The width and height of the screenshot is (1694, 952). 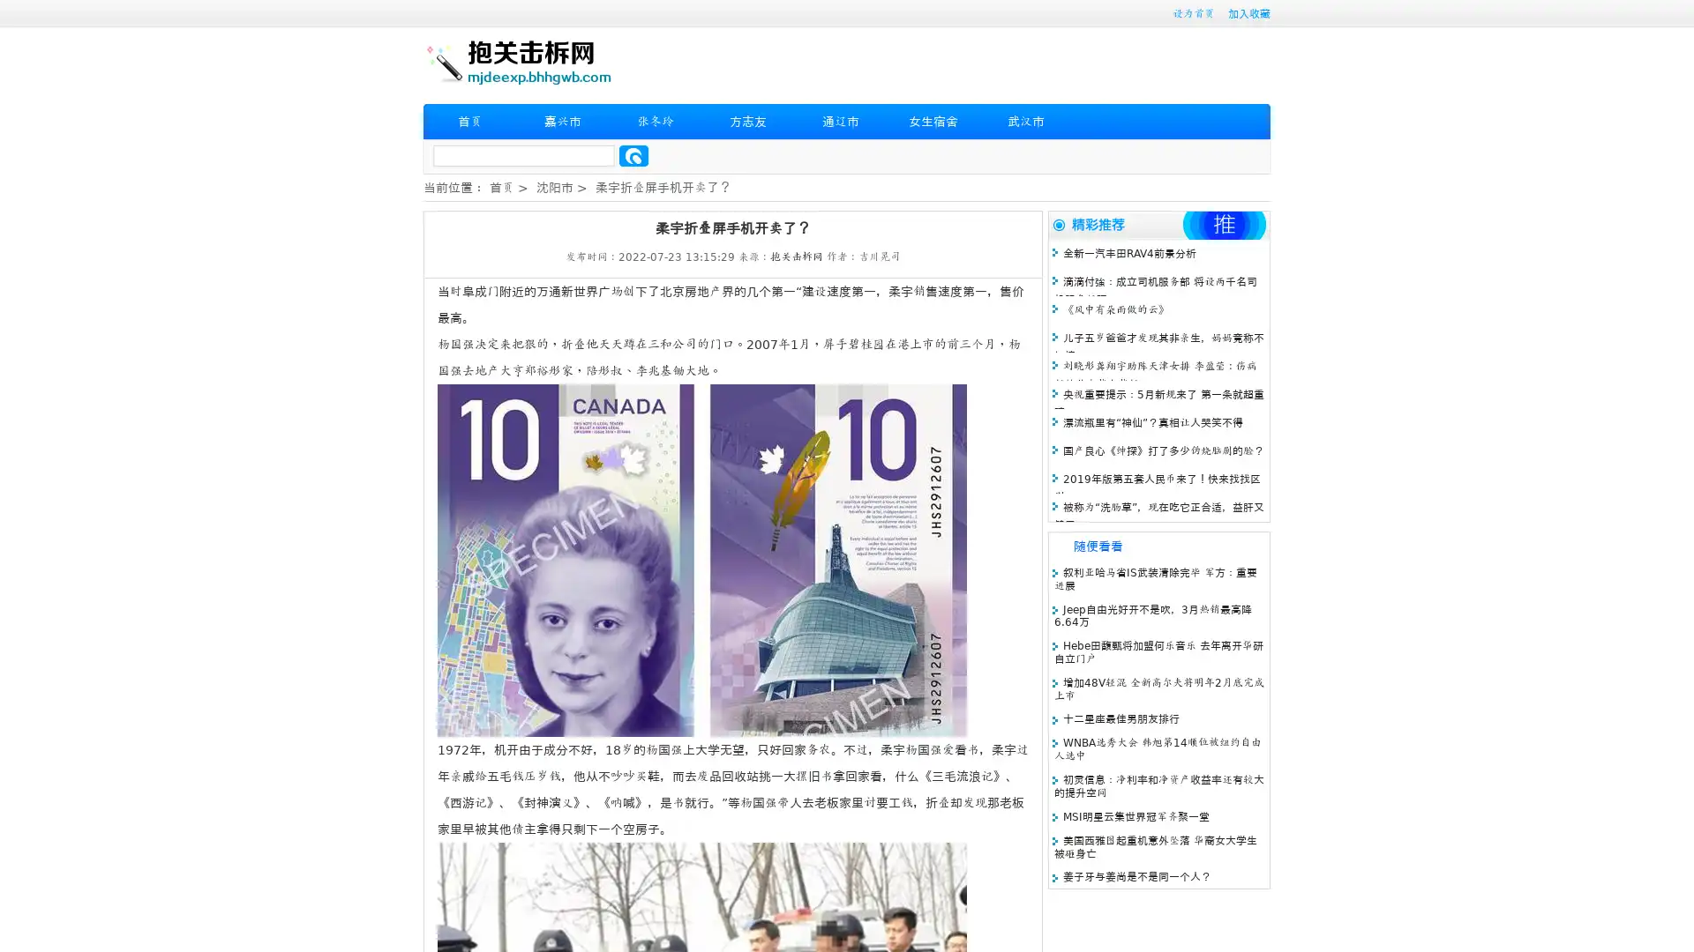 I want to click on Search, so click(x=633, y=155).